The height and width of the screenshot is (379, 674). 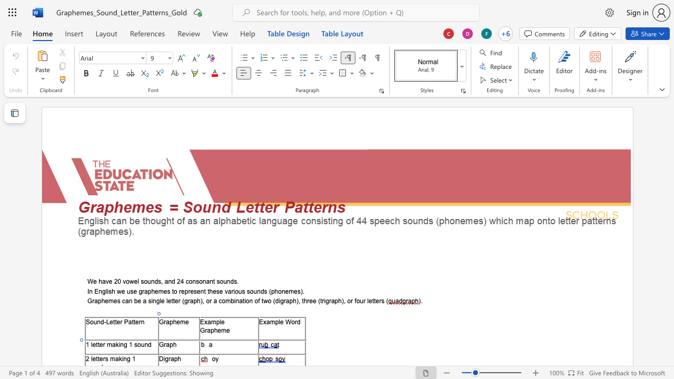 What do you see at coordinates (294, 321) in the screenshot?
I see `the space between the continuous character "o" and "r" in the text` at bounding box center [294, 321].